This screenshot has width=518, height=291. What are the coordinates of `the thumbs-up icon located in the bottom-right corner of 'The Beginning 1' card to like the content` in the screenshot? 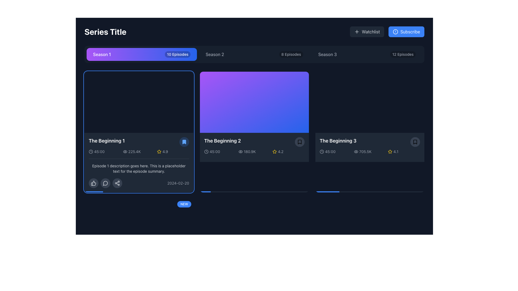 It's located at (93, 183).